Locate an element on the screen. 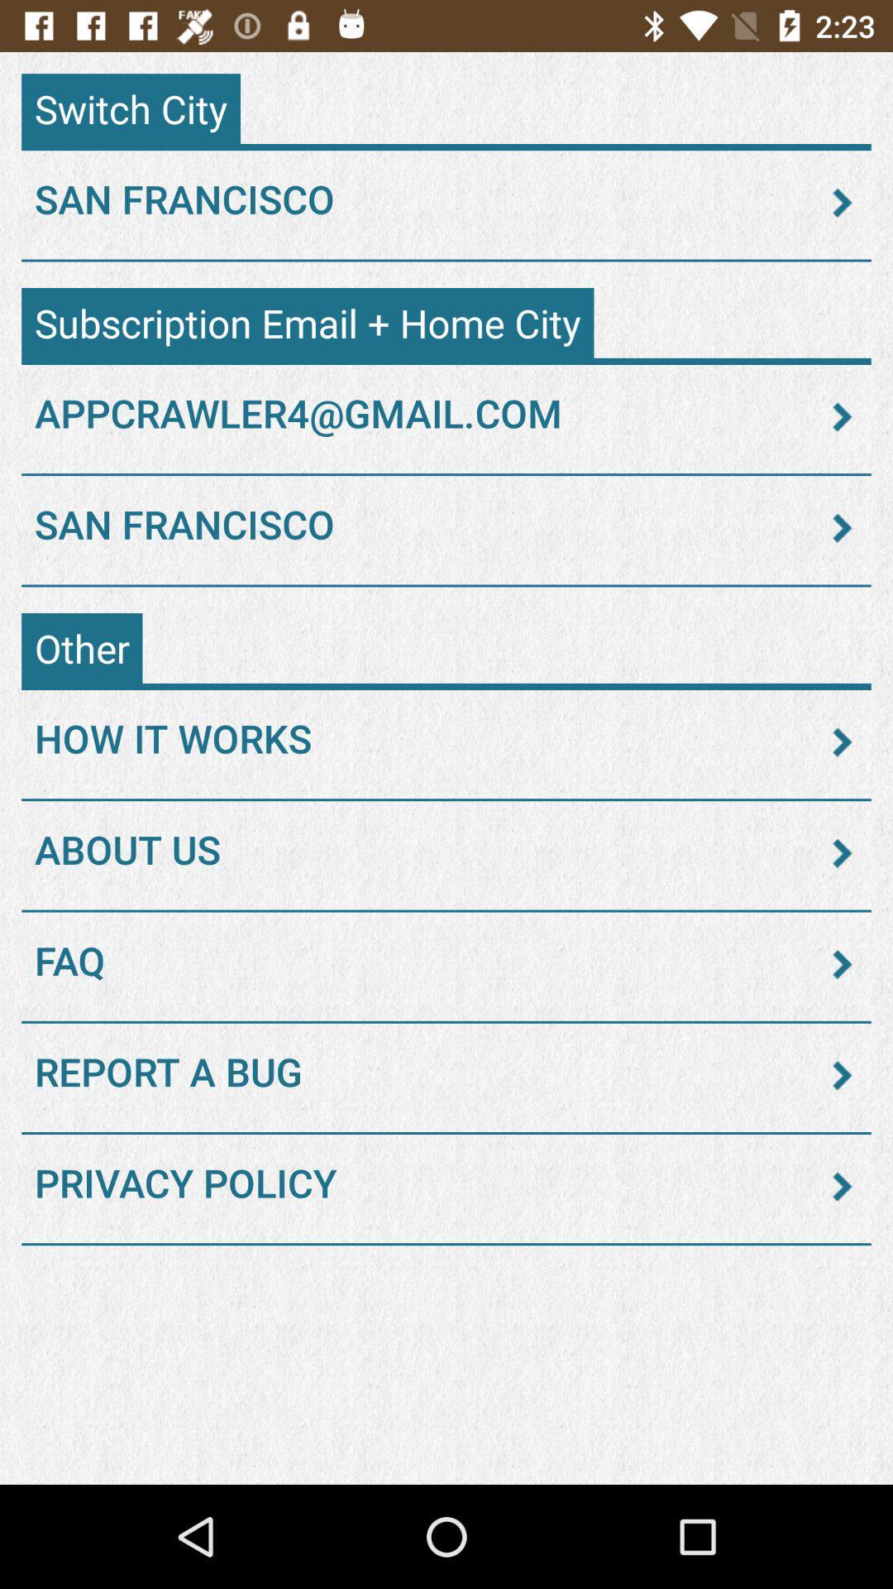 The height and width of the screenshot is (1589, 893). about us icon is located at coordinates (446, 853).